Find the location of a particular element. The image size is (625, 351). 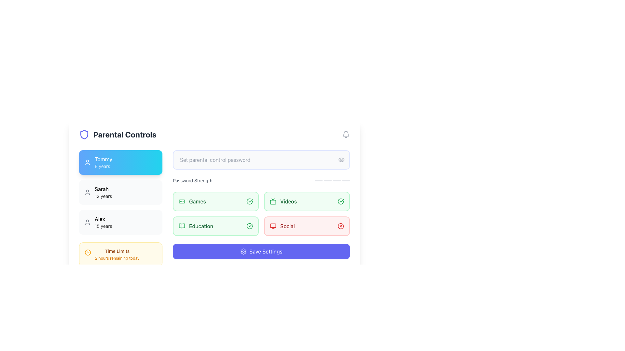

the visibility toggle icon button located to the right of the password input field, which is part of the parental control password section is located at coordinates (341, 160).